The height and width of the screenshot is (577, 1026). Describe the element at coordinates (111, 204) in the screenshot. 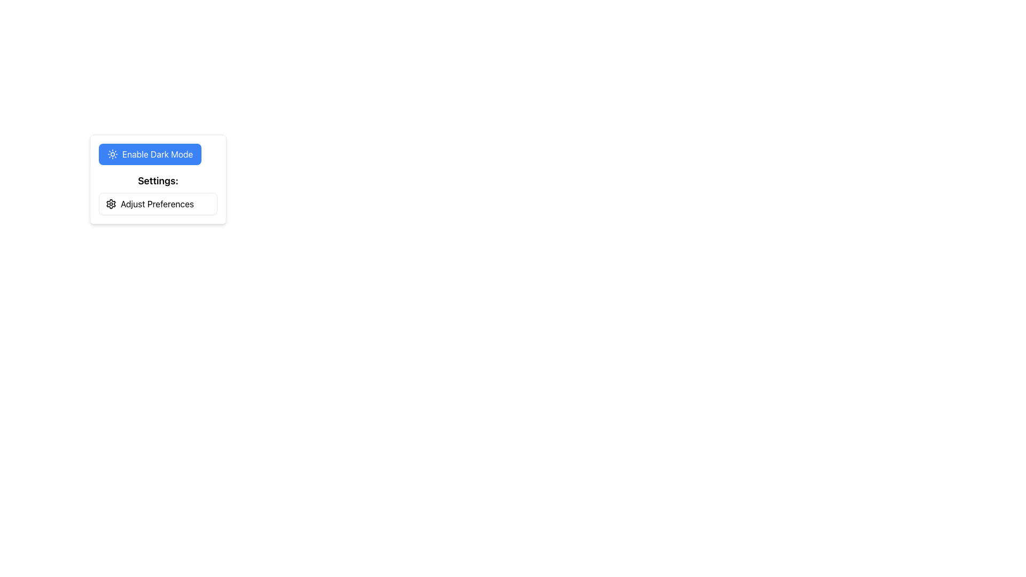

I see `the circular settings gear icon located to the left of the text 'Adjust Preferences'` at that location.